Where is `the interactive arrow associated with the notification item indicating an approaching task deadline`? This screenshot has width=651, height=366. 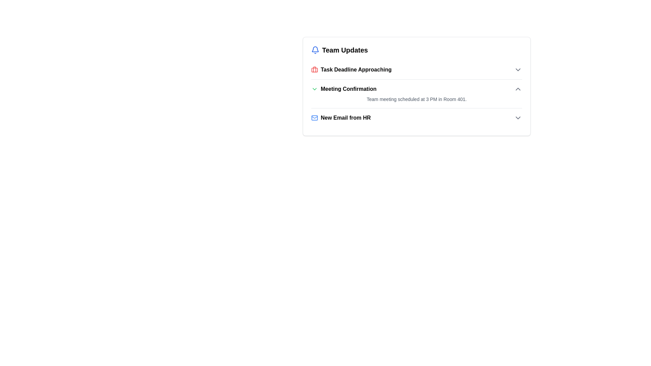
the interactive arrow associated with the notification item indicating an approaching task deadline is located at coordinates (416, 69).